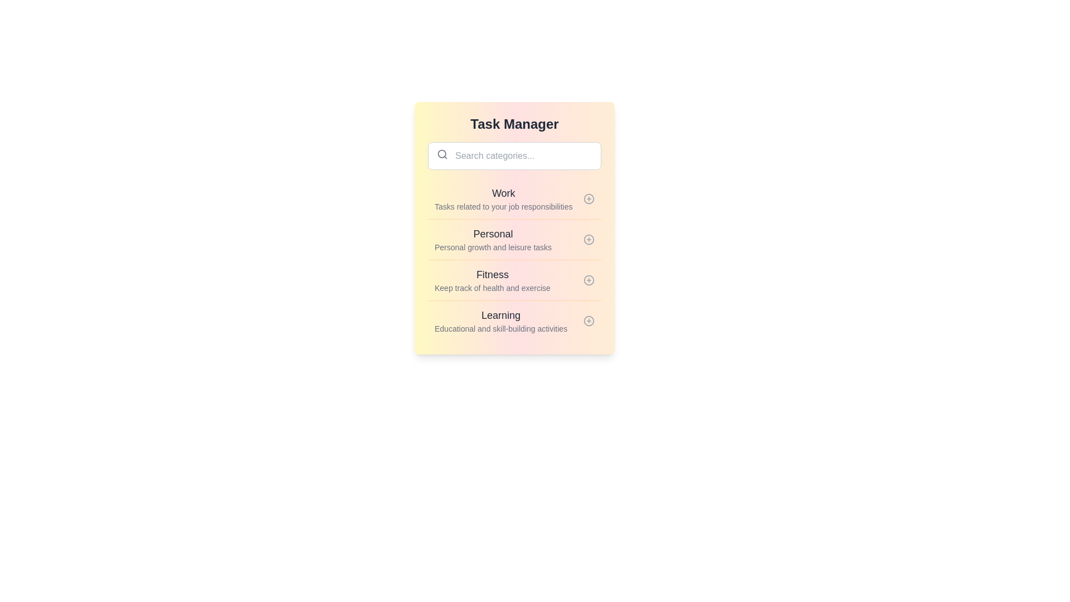  Describe the element at coordinates (588, 321) in the screenshot. I see `the inner circular part of the plus icon associated with the 'Learning' category by clicking on it` at that location.